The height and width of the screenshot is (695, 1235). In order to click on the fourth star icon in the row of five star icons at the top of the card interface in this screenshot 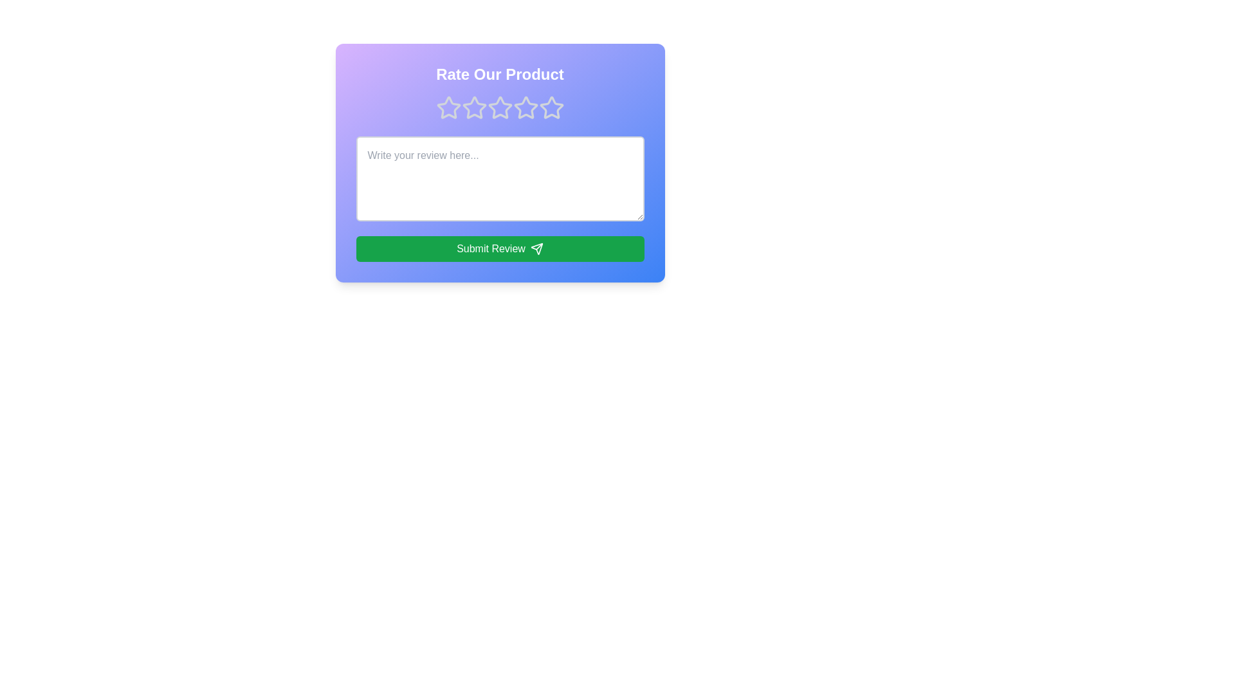, I will do `click(551, 107)`.